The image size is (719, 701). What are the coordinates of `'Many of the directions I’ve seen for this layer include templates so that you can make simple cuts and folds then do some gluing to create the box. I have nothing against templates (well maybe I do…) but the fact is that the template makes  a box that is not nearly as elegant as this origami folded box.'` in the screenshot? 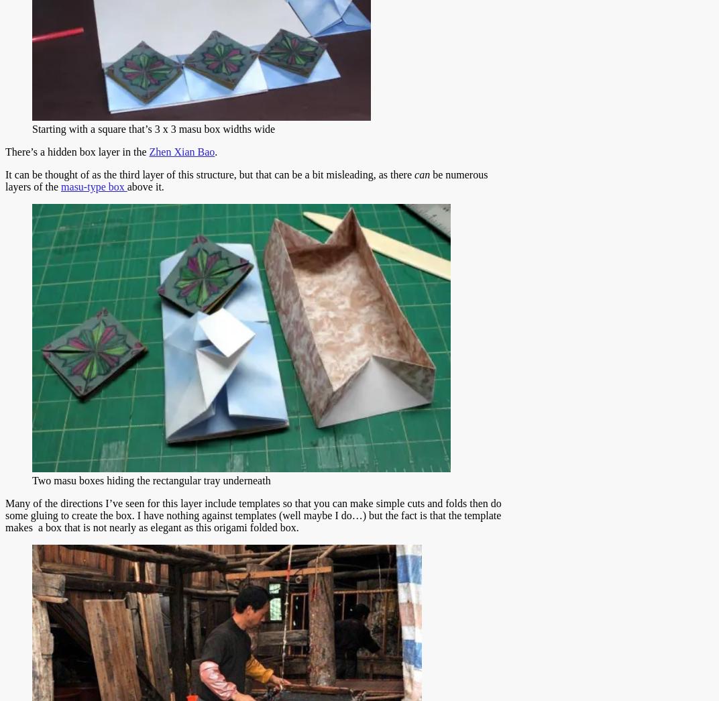 It's located at (253, 515).